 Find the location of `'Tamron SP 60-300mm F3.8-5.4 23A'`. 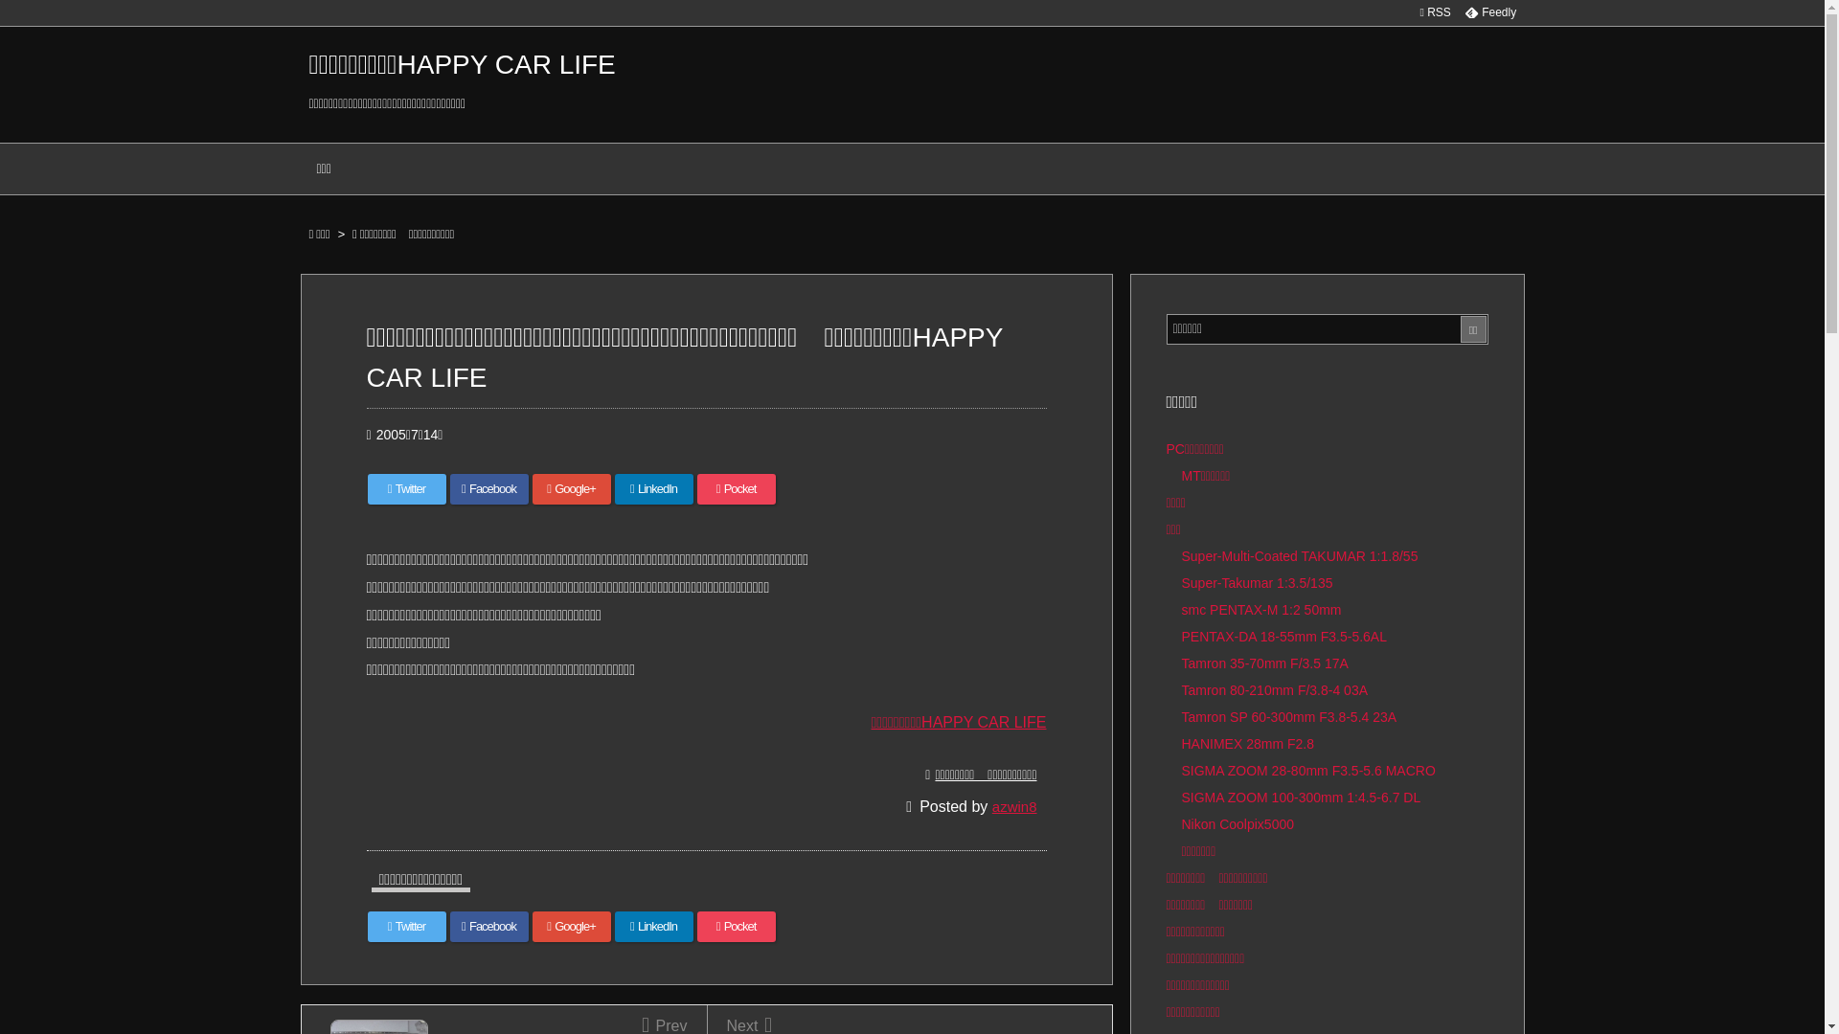

'Tamron SP 60-300mm F3.8-5.4 23A' is located at coordinates (1289, 716).